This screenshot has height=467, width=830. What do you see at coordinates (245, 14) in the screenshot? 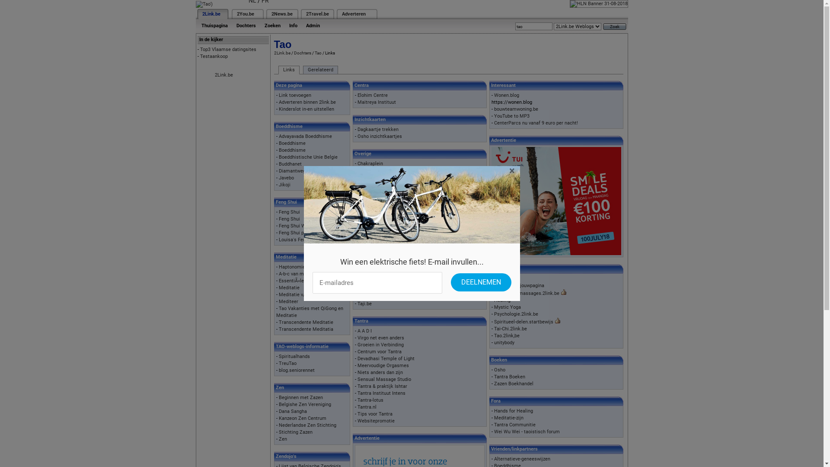
I see `'2You.be'` at bounding box center [245, 14].